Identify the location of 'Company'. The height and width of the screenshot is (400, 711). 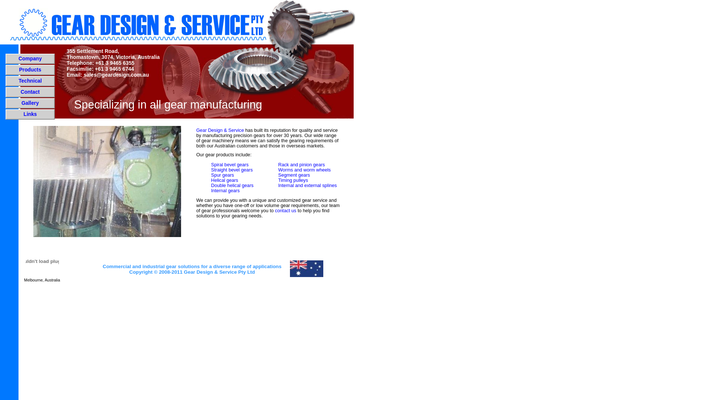
(30, 58).